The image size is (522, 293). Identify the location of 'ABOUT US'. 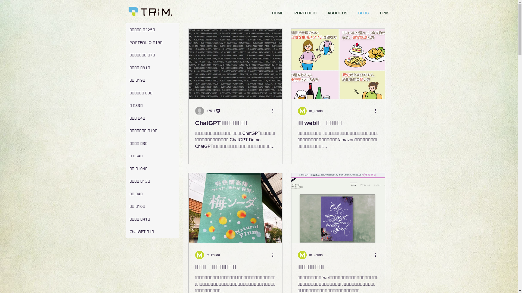
(337, 12).